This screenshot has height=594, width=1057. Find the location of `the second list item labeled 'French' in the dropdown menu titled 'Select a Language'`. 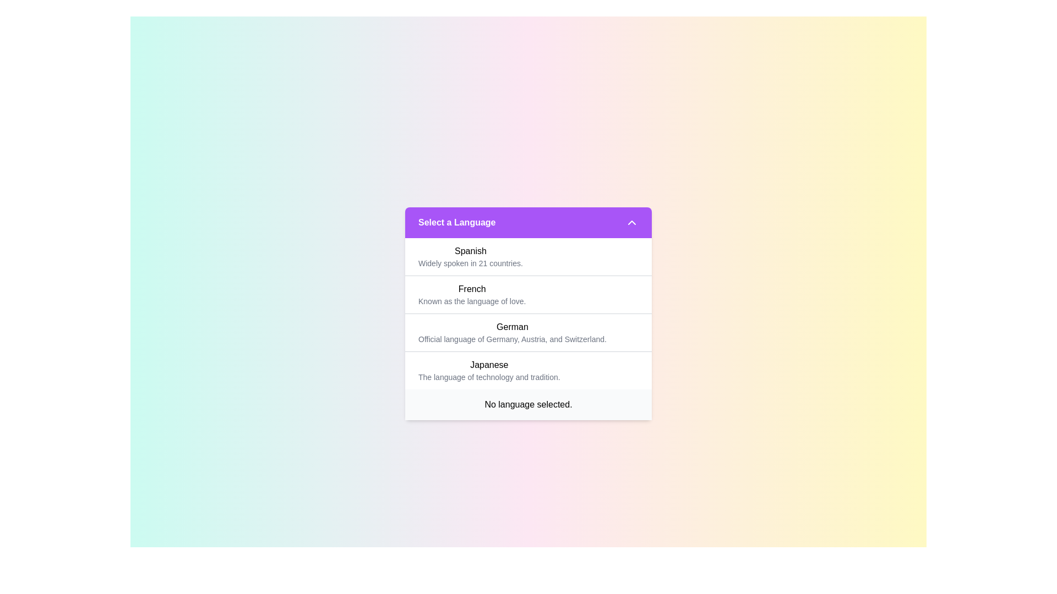

the second list item labeled 'French' in the dropdown menu titled 'Select a Language' is located at coordinates (528, 313).